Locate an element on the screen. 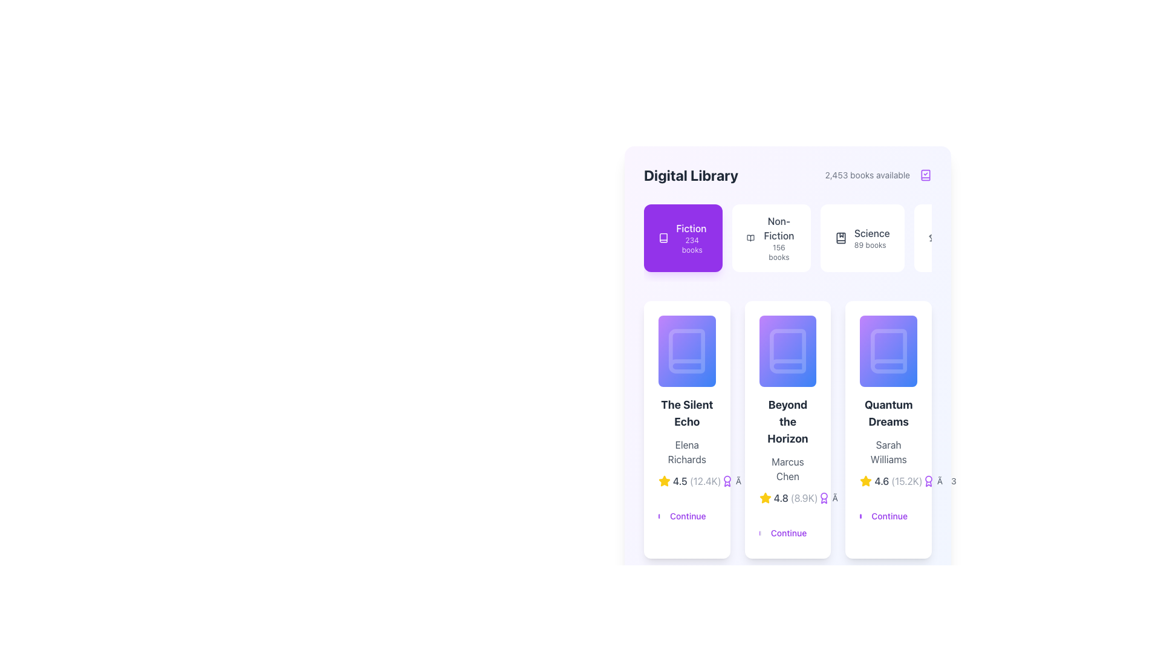  the SVG circle element that is styled as part of a medal or award icon, located near the top-right section of the interface is located at coordinates (726, 478).